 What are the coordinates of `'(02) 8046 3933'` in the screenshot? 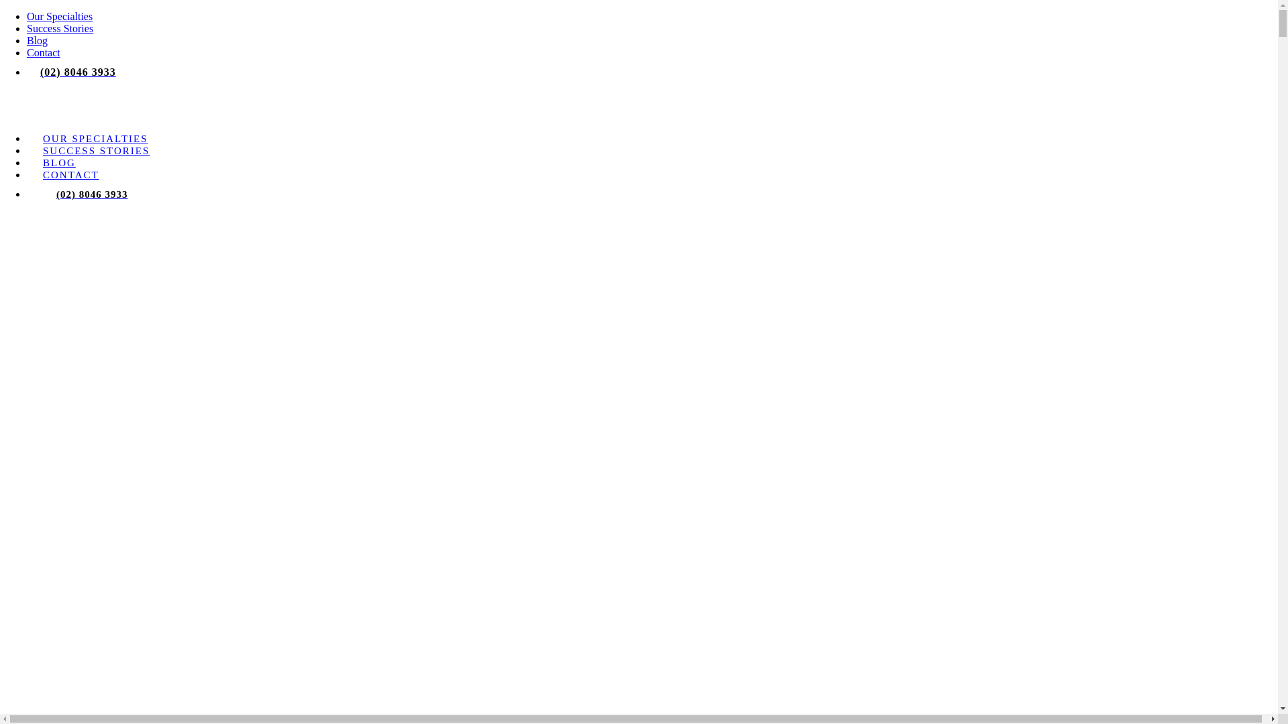 It's located at (91, 194).